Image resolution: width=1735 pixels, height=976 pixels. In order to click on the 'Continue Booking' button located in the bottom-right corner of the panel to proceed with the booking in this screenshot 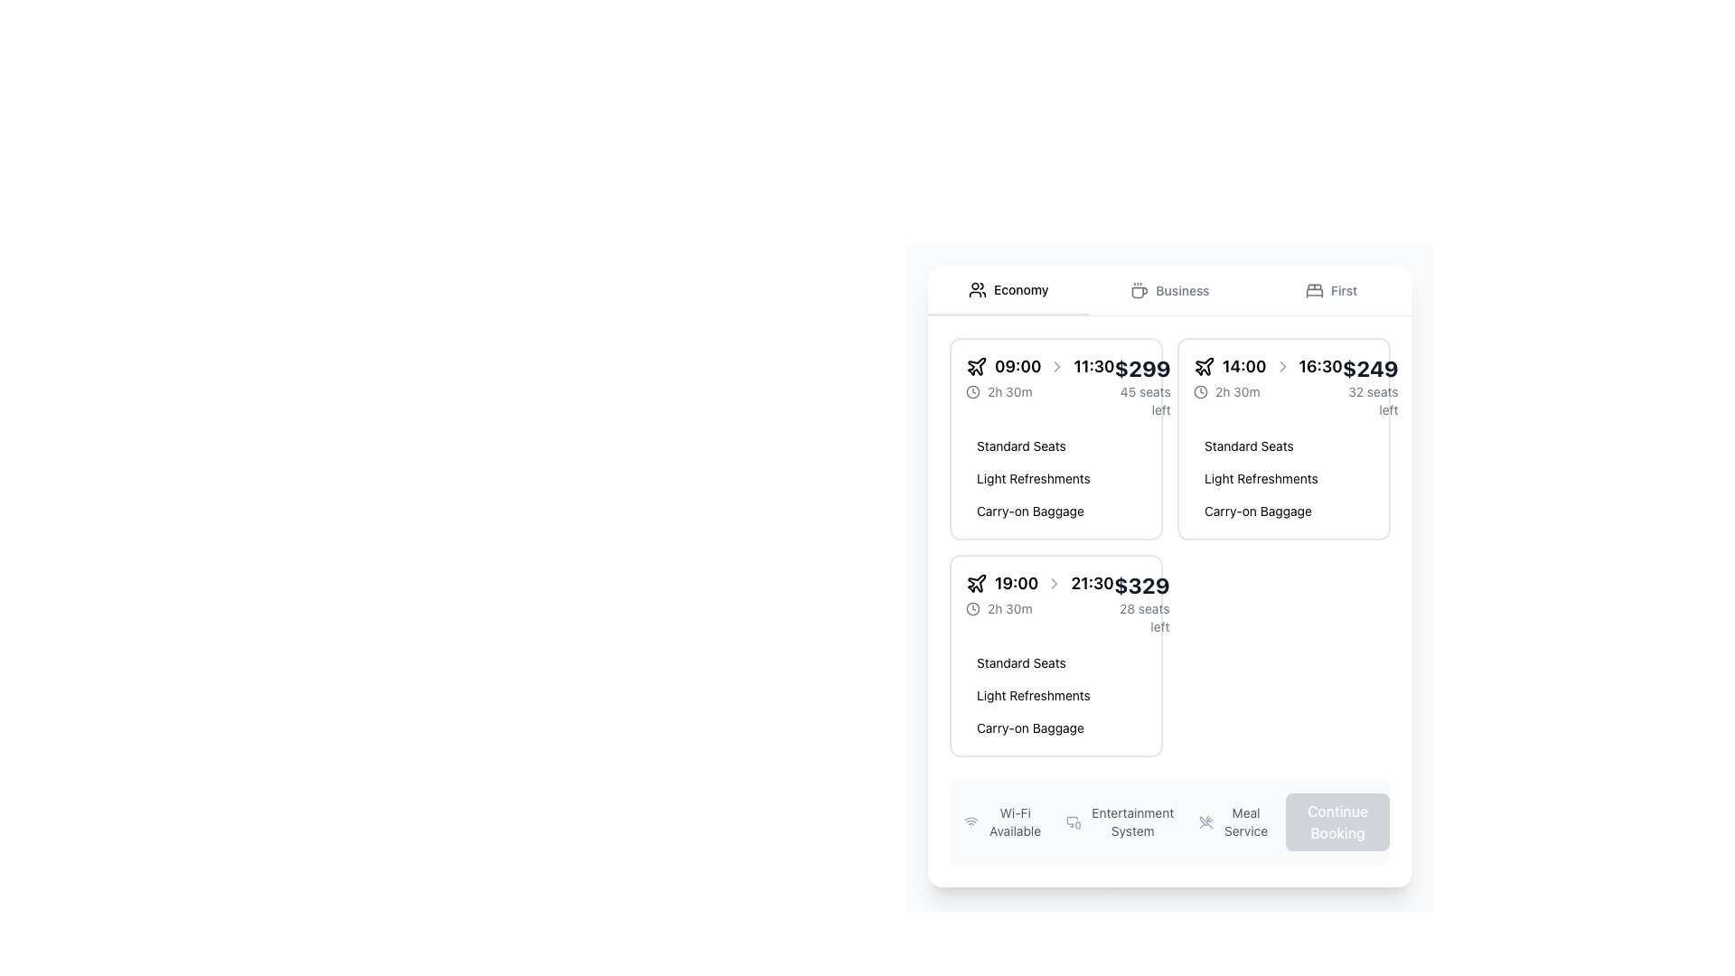, I will do `click(1337, 822)`.